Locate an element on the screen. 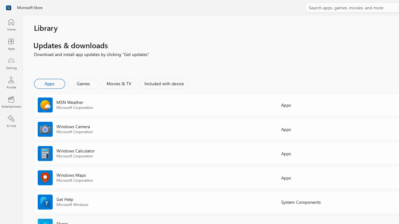  'Included with device' is located at coordinates (164, 83).